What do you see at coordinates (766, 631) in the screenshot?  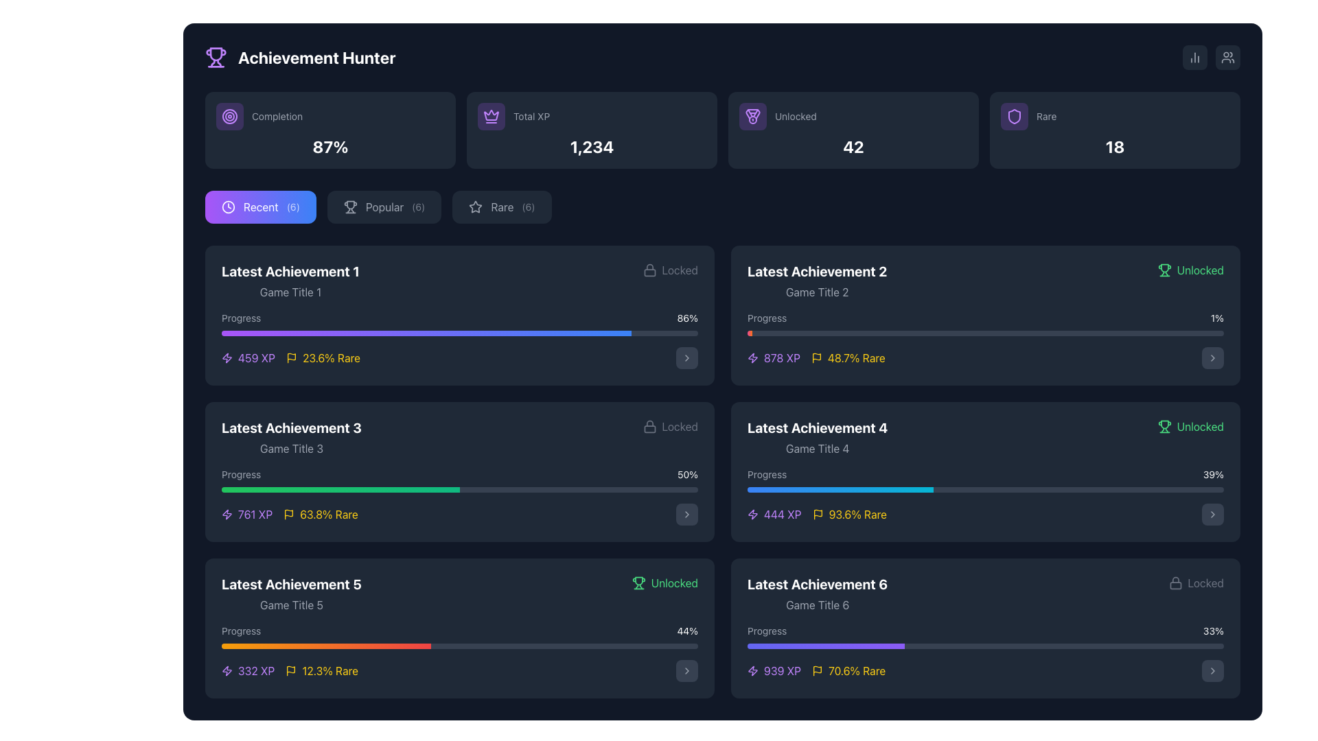 I see `the text label that provides contextual information for the progress bar in the 'Latest Achievement 6' section, located at the bottom-right of the interface` at bounding box center [766, 631].